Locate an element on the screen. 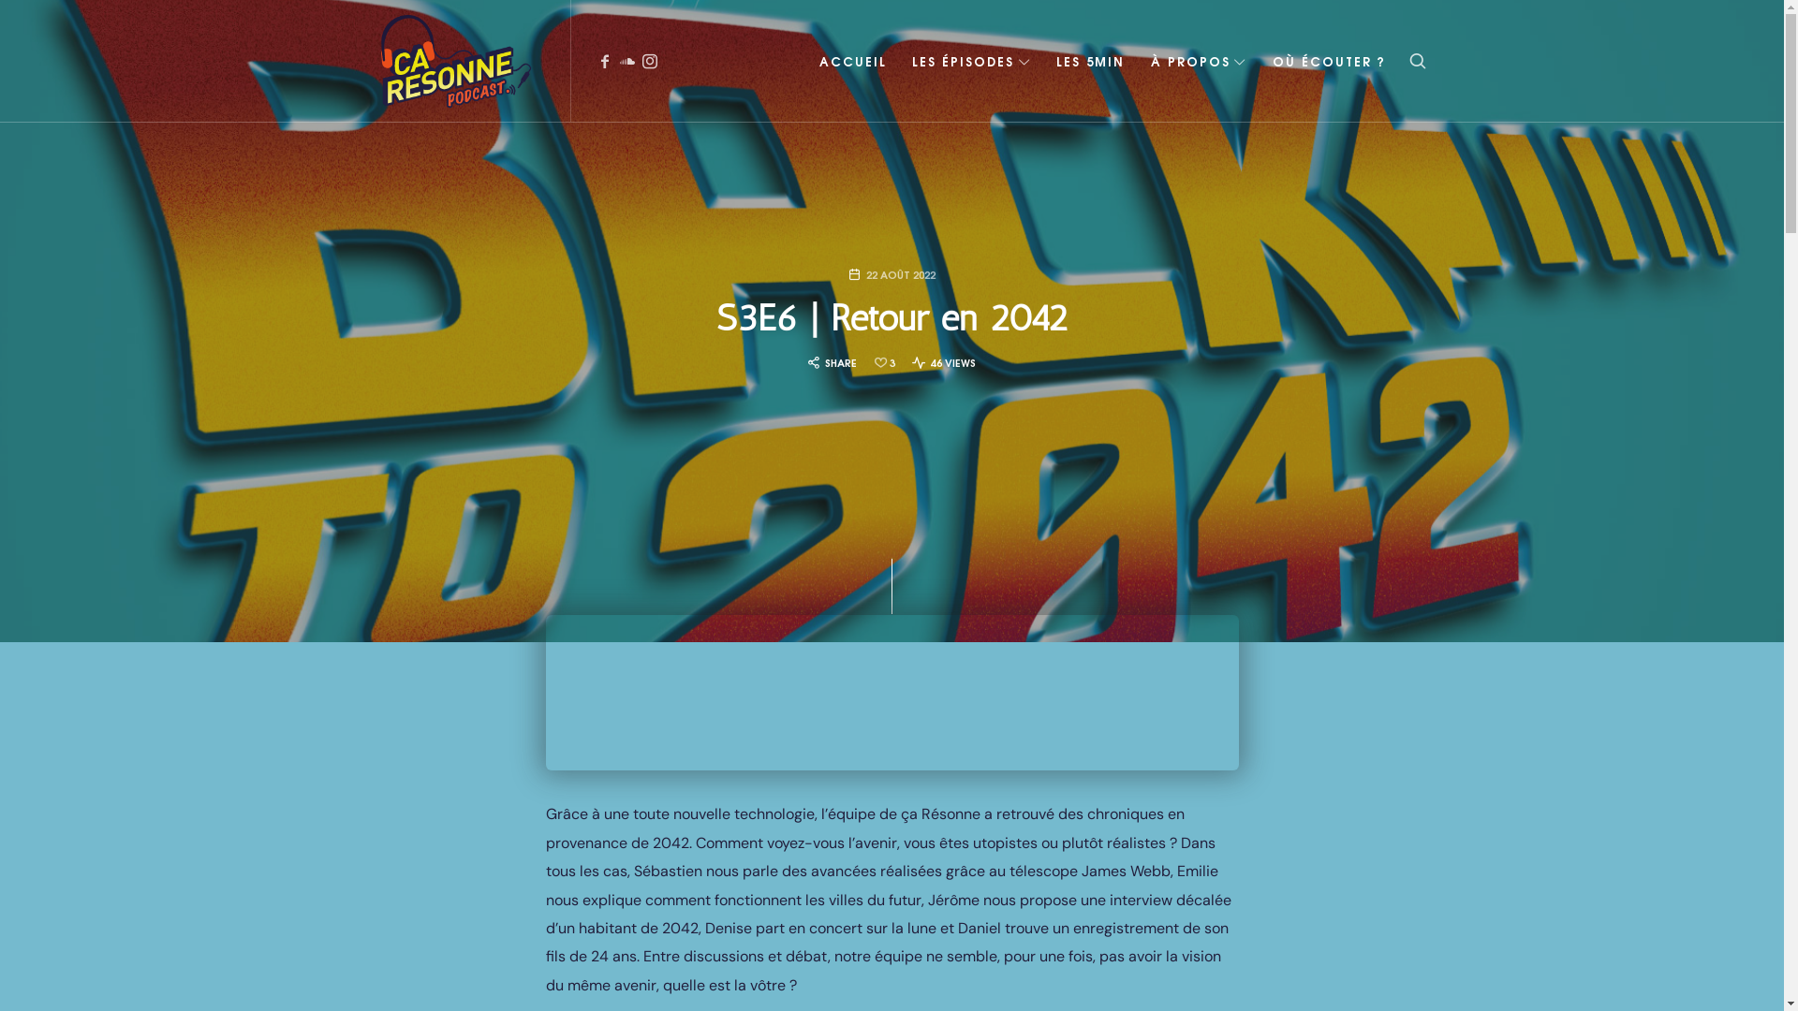  'ACCUEIL' is located at coordinates (813, 60).